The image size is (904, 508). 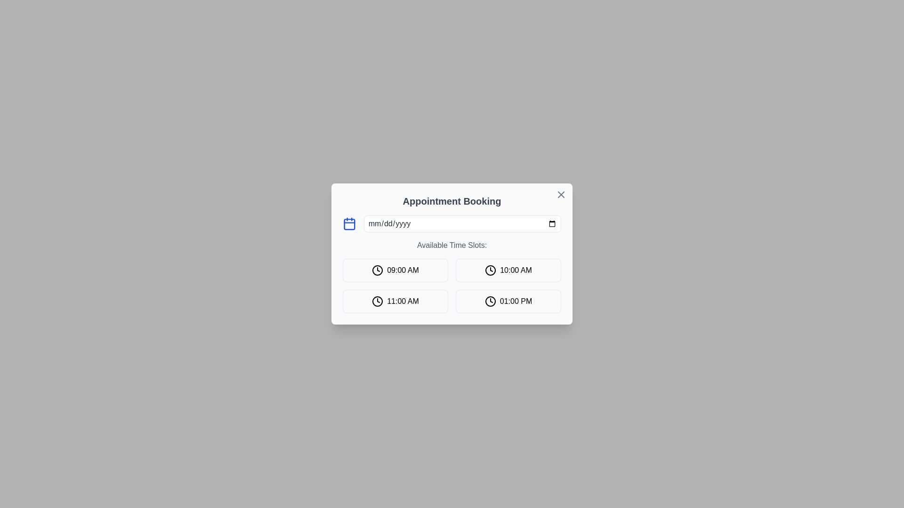 What do you see at coordinates (508, 301) in the screenshot?
I see `the interactive button displaying '01:00 PM' with a clock icon` at bounding box center [508, 301].